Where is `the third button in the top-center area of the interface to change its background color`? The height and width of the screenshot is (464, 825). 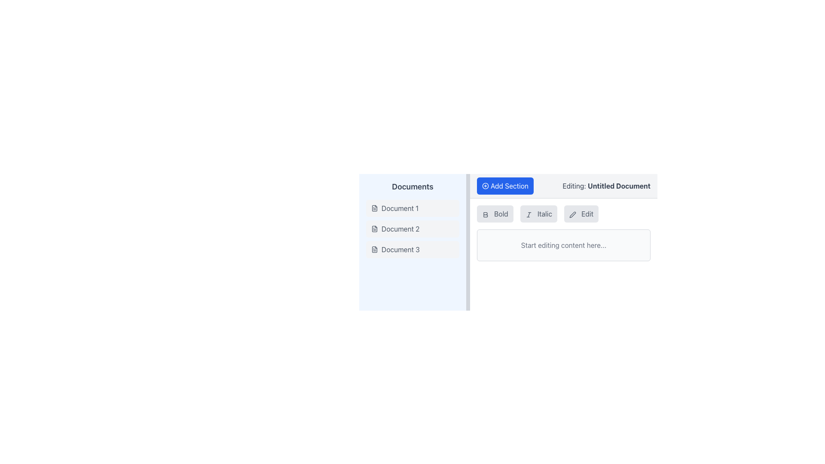 the third button in the top-center area of the interface to change its background color is located at coordinates (581, 213).